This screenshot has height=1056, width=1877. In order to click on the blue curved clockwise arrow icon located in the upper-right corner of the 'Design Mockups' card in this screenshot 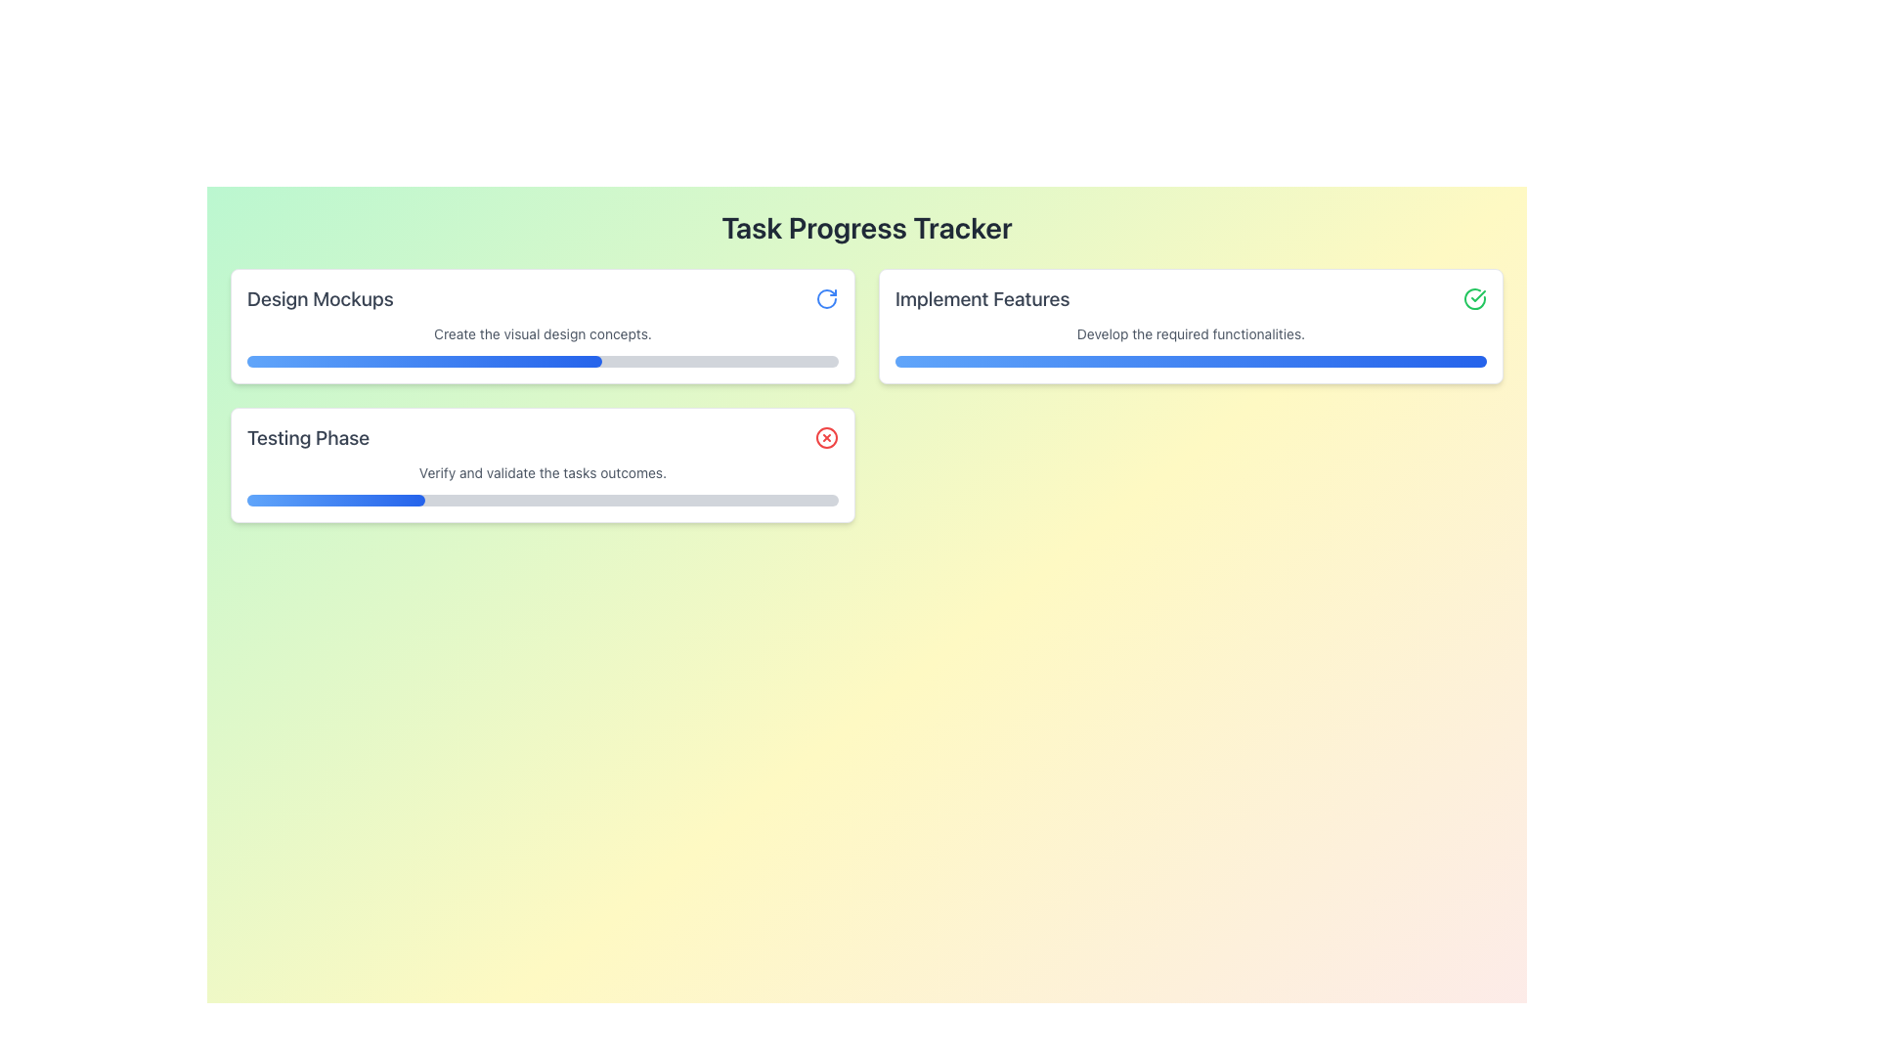, I will do `click(826, 298)`.